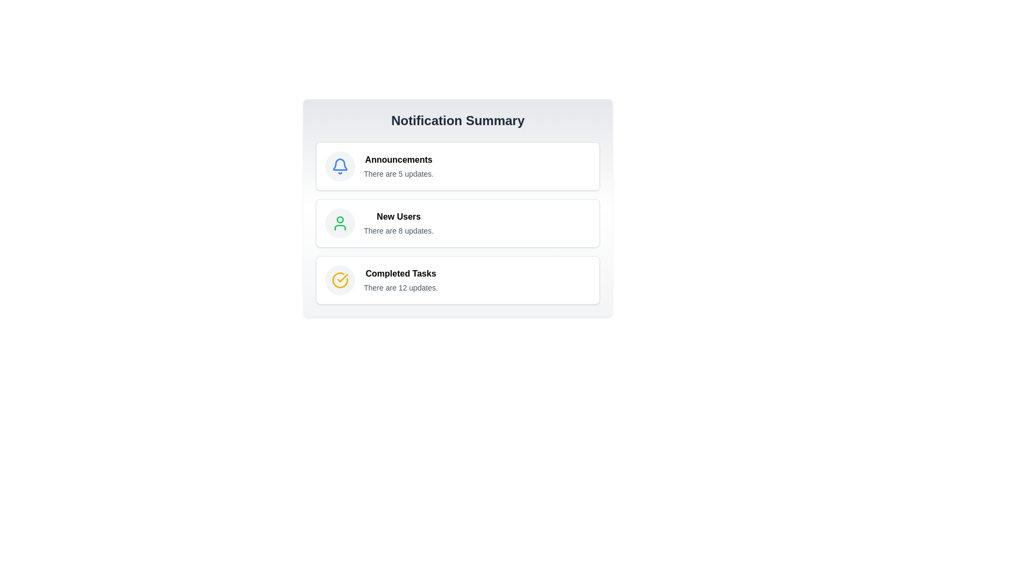 The width and height of the screenshot is (1032, 580). What do you see at coordinates (340, 166) in the screenshot?
I see `the circular gray icon with a blue bell symbol located at the top-left corner of the 'Announcements' section in the 'Notification Summary' view` at bounding box center [340, 166].